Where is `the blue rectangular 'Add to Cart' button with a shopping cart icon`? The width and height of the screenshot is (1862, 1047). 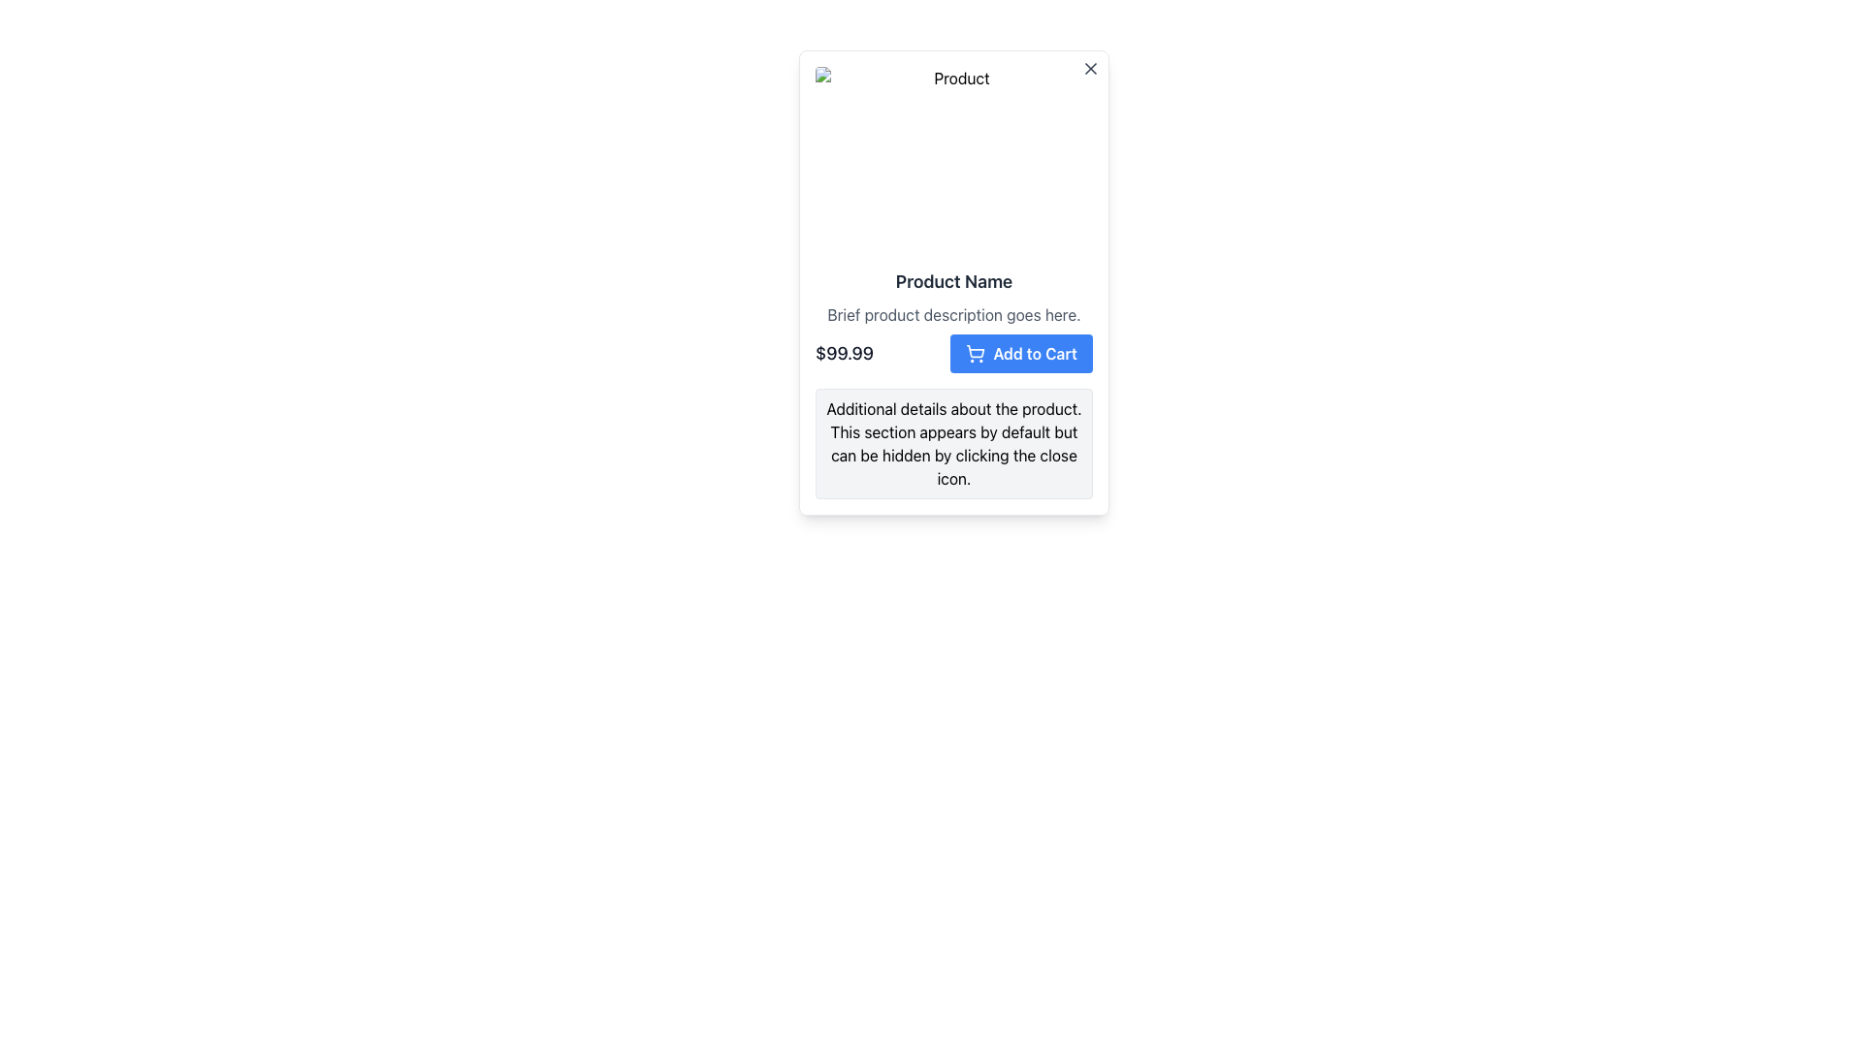
the blue rectangular 'Add to Cart' button with a shopping cart icon is located at coordinates (1020, 354).